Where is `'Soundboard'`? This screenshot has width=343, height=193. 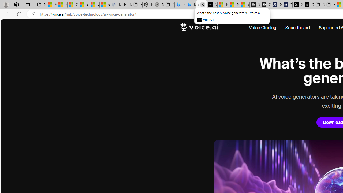 'Soundboard' is located at coordinates (297, 28).